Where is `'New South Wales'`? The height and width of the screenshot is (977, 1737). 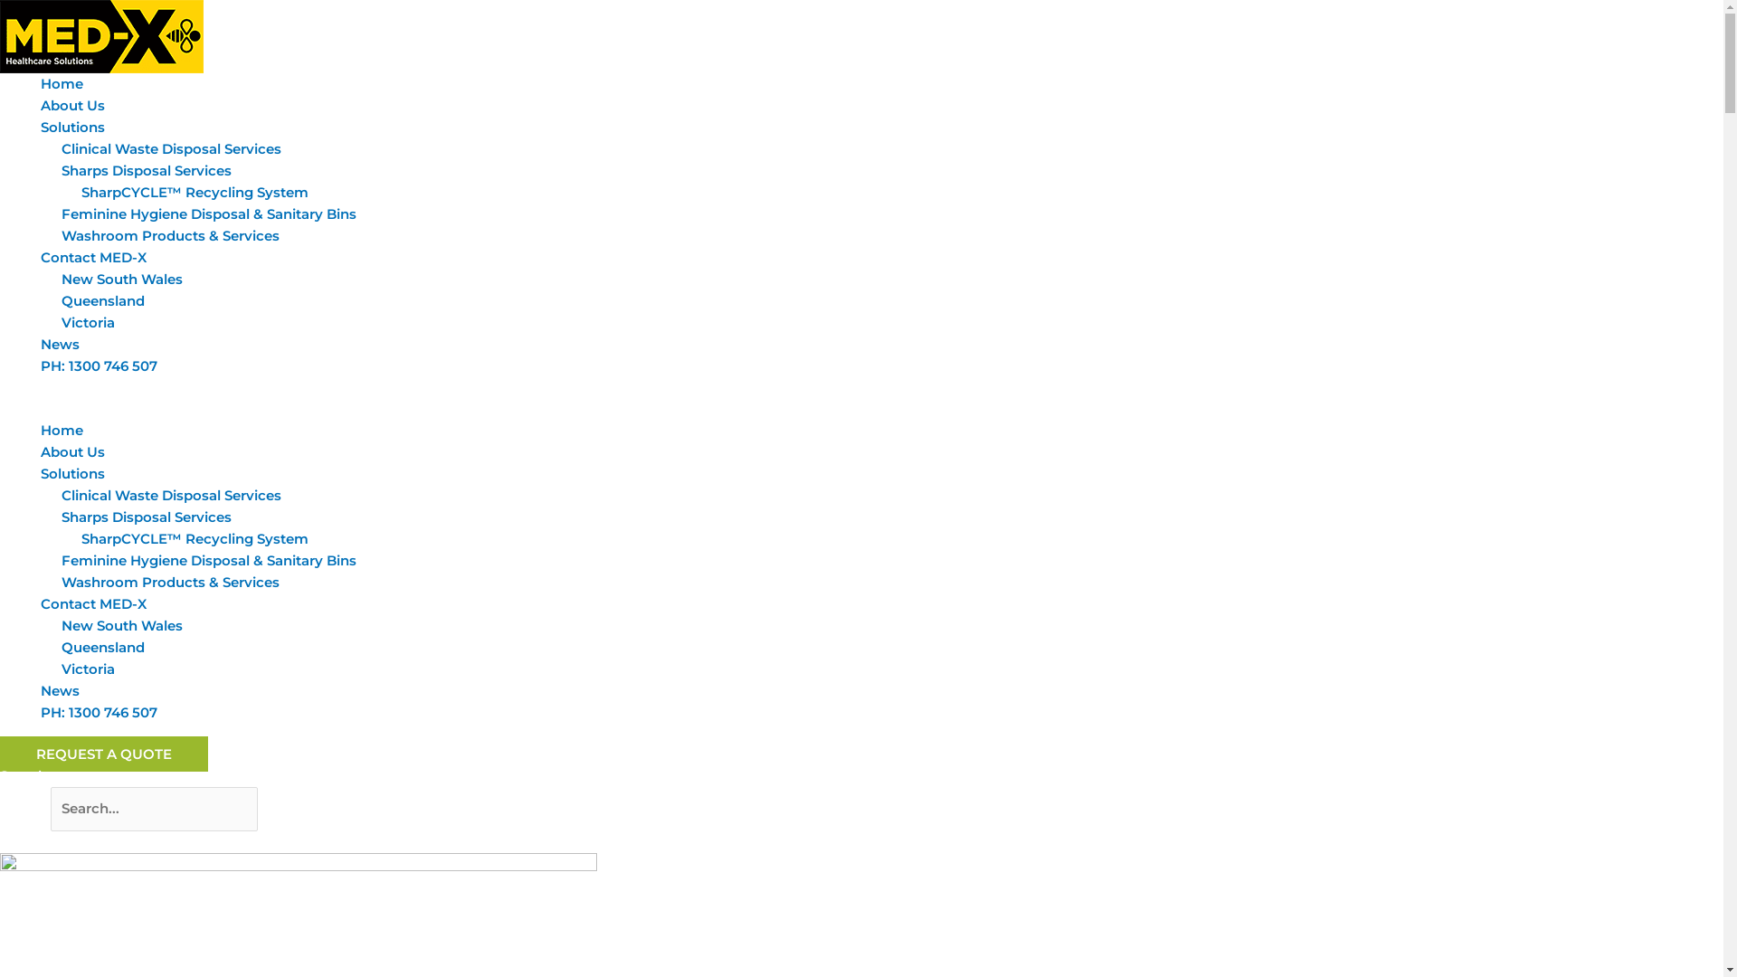 'New South Wales' is located at coordinates (120, 279).